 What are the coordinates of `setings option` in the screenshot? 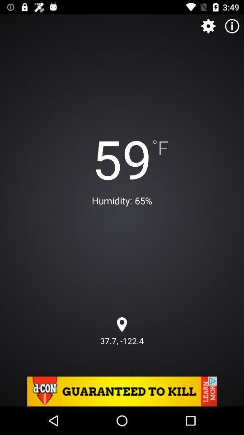 It's located at (208, 25).